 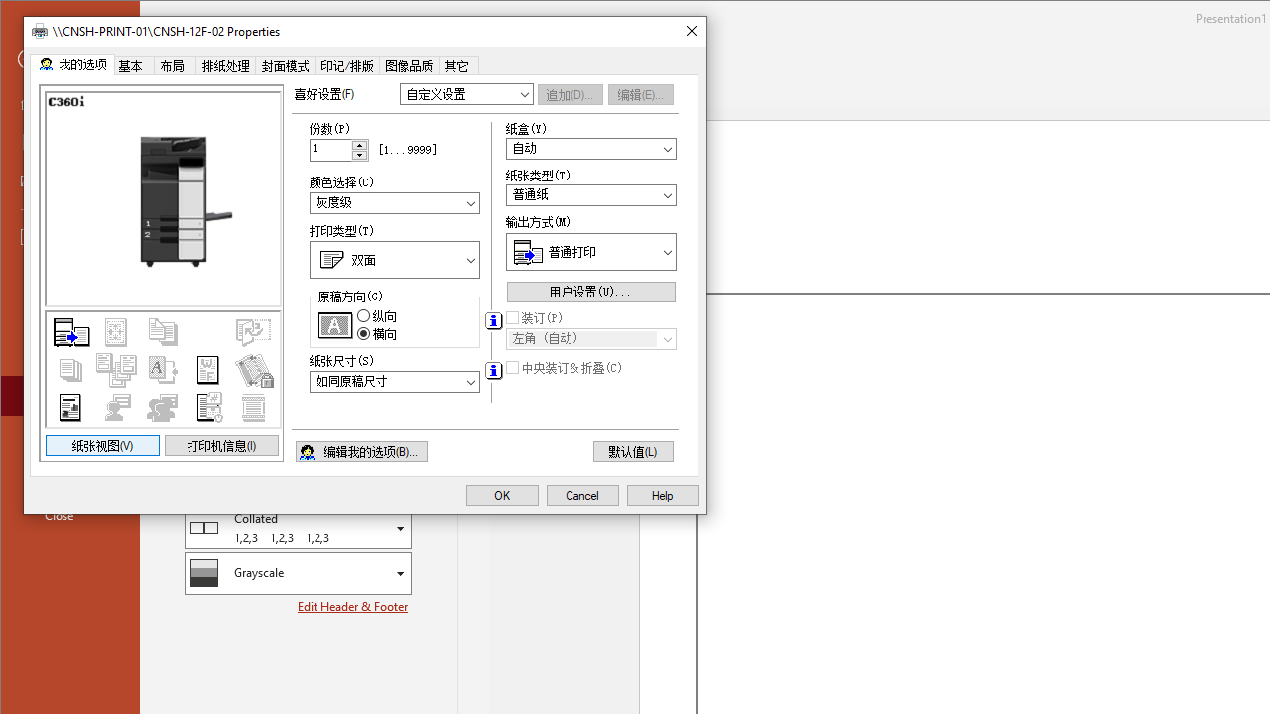 What do you see at coordinates (163, 369) in the screenshot?
I see `'Summary'` at bounding box center [163, 369].